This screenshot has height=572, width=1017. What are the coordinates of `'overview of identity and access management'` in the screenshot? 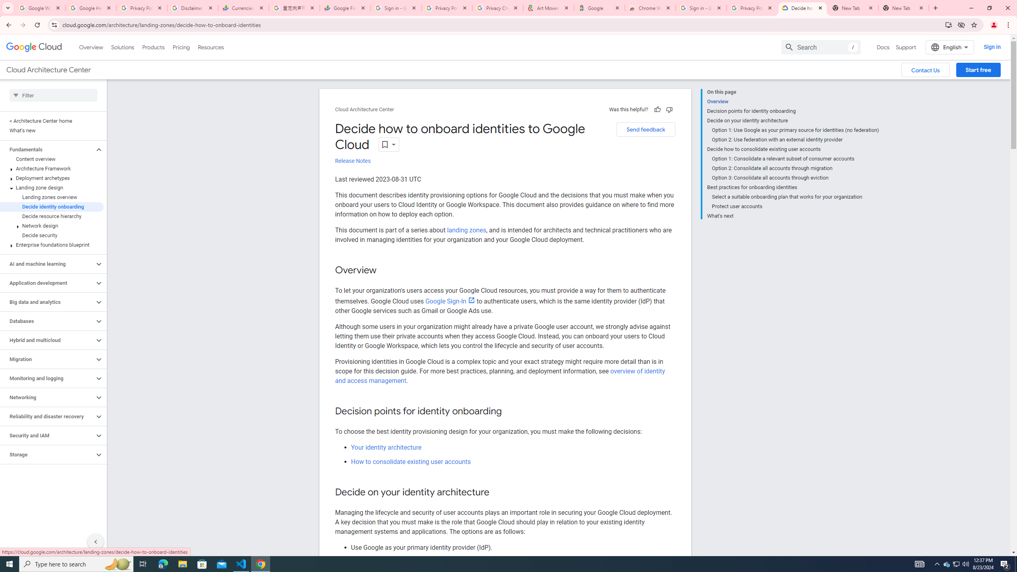 It's located at (499, 375).